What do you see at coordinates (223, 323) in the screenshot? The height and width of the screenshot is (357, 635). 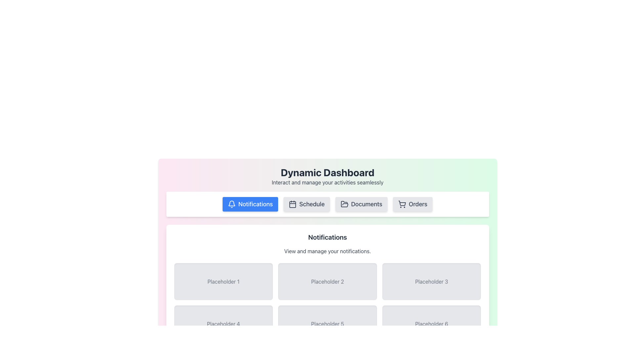 I see `the static text label located in the second row, first column of the grid in the bottom-left quadrant` at bounding box center [223, 323].